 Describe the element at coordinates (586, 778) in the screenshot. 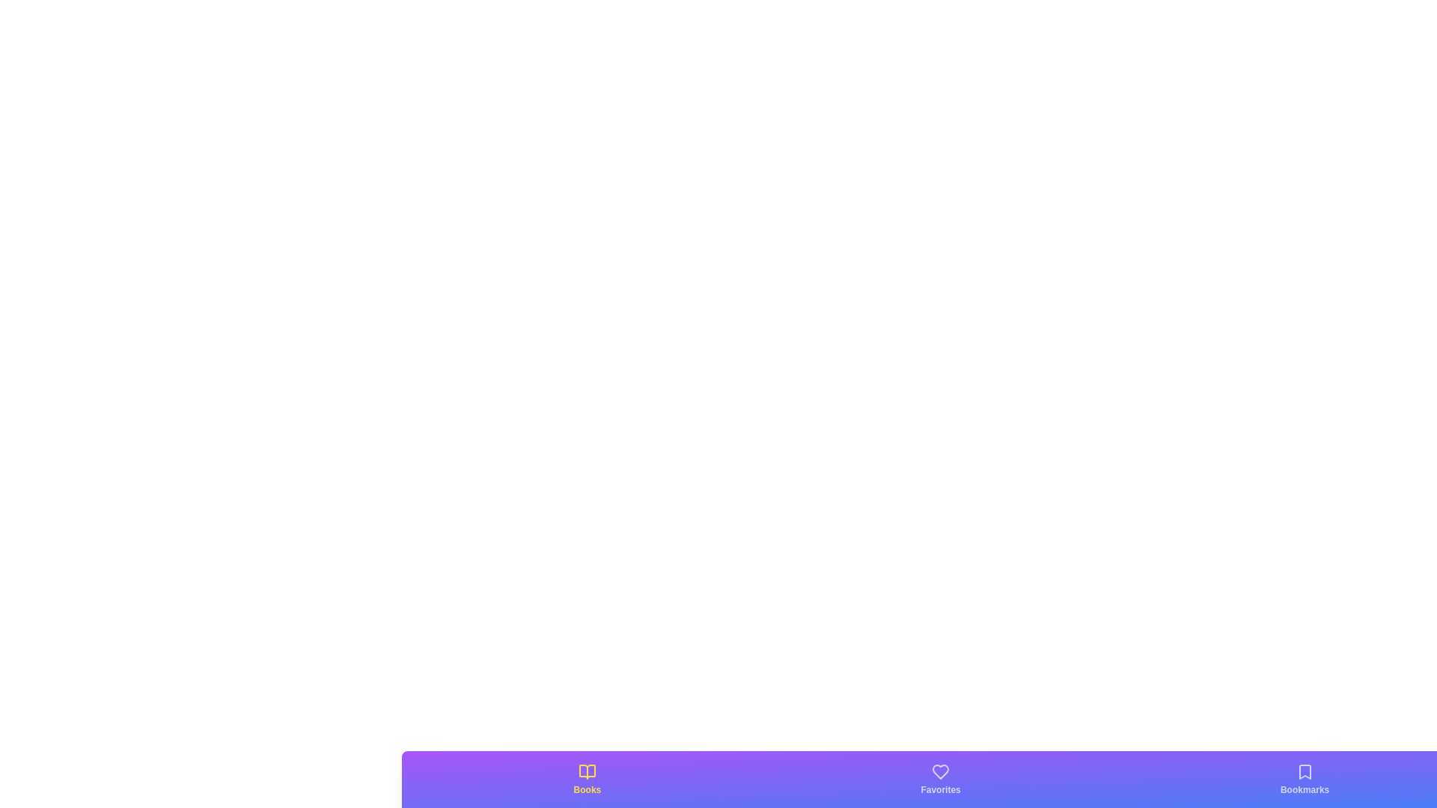

I see `the tab with the label Books` at that location.